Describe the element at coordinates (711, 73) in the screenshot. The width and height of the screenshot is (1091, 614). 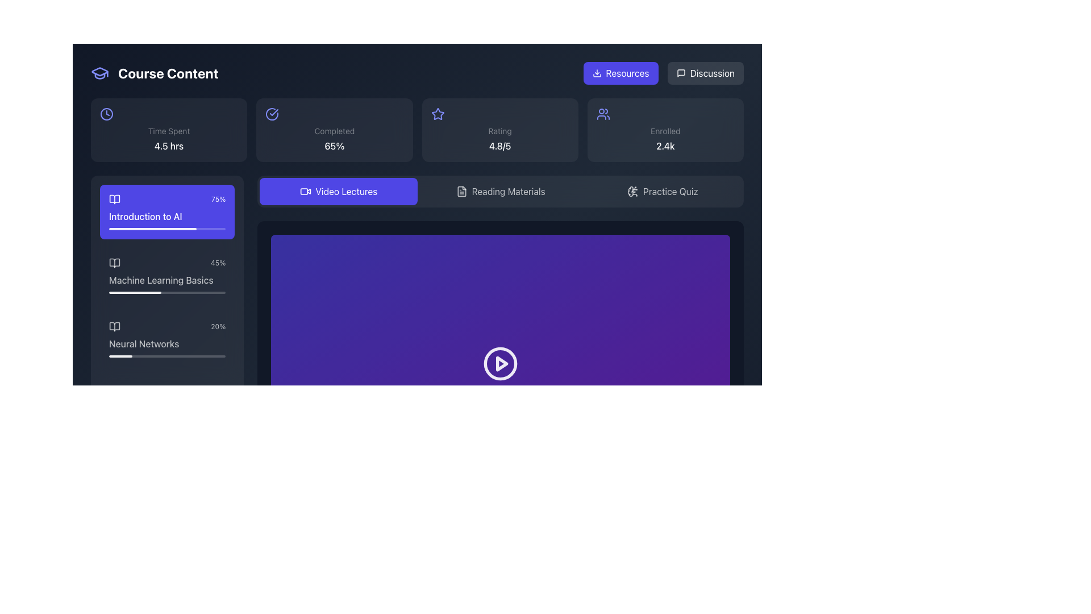
I see `the text label displaying 'Discussion', which is part of a button-like structure in the top-right area of the interface` at that location.